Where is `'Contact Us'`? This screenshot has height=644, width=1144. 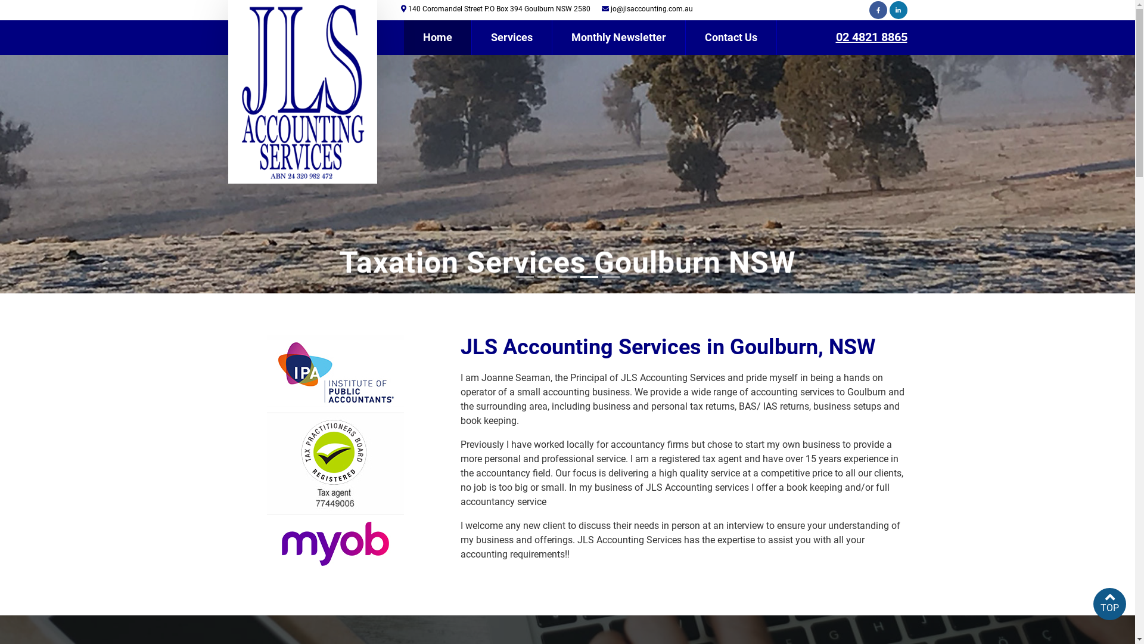 'Contact Us' is located at coordinates (730, 36).